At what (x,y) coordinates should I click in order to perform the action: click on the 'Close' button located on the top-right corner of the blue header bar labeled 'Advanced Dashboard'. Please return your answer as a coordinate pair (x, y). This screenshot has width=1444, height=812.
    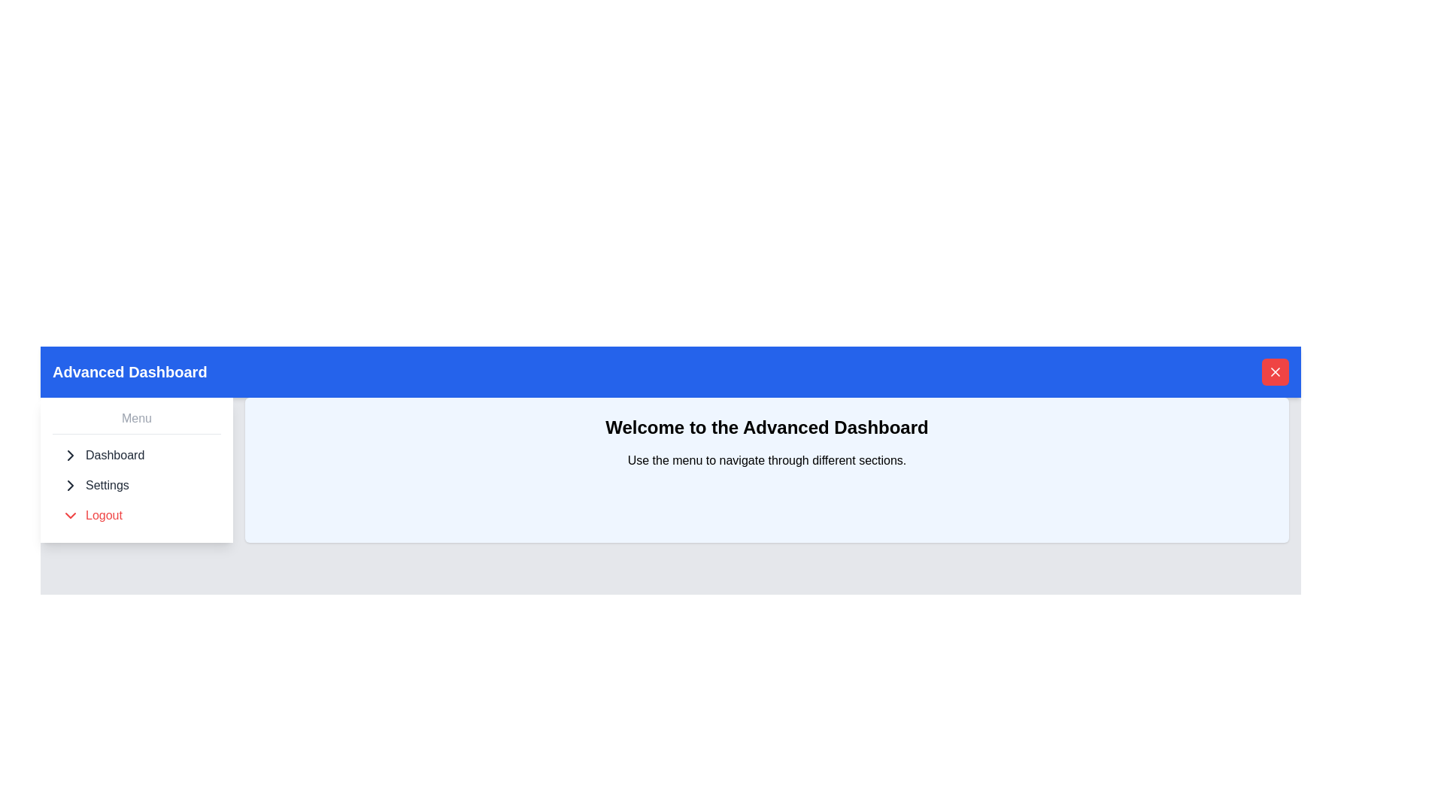
    Looking at the image, I should click on (1274, 371).